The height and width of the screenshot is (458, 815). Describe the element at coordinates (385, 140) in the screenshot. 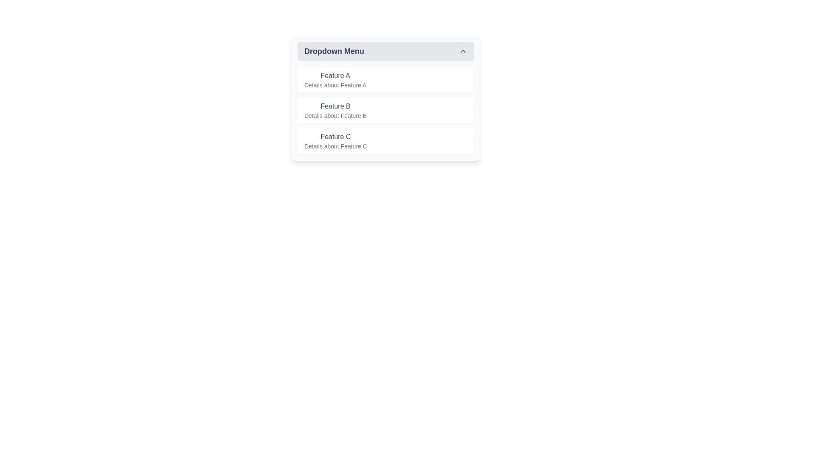

I see `the interactive list item labeled 'Feature C'` at that location.